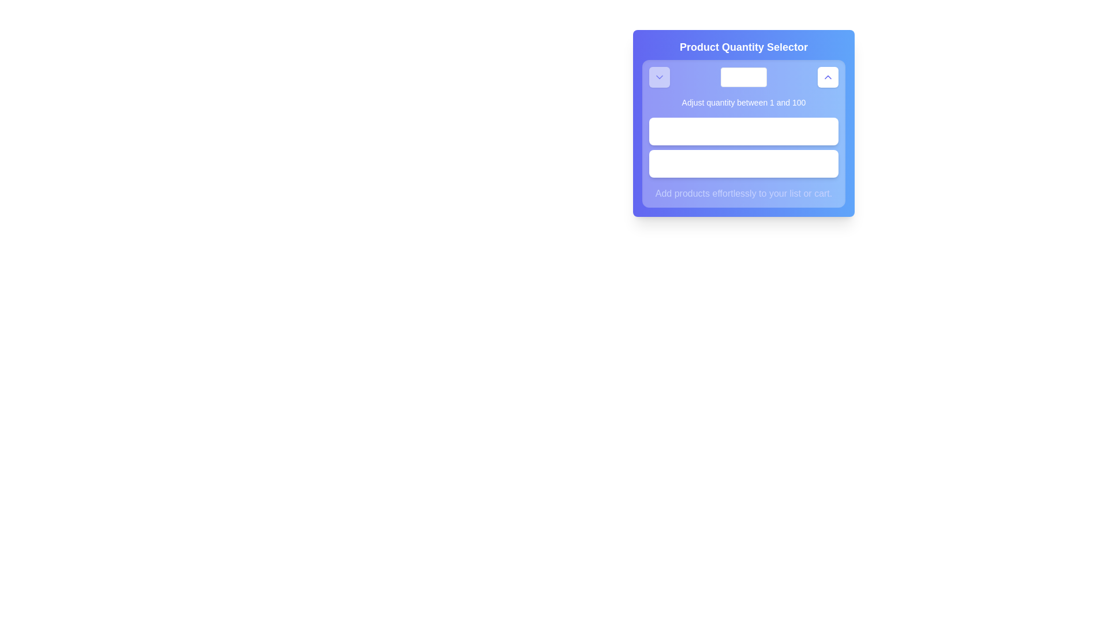 The image size is (1108, 623). What do you see at coordinates (744, 46) in the screenshot?
I see `the bold text label reading 'Product Quantity Selector' located at the top-center of the card interface` at bounding box center [744, 46].